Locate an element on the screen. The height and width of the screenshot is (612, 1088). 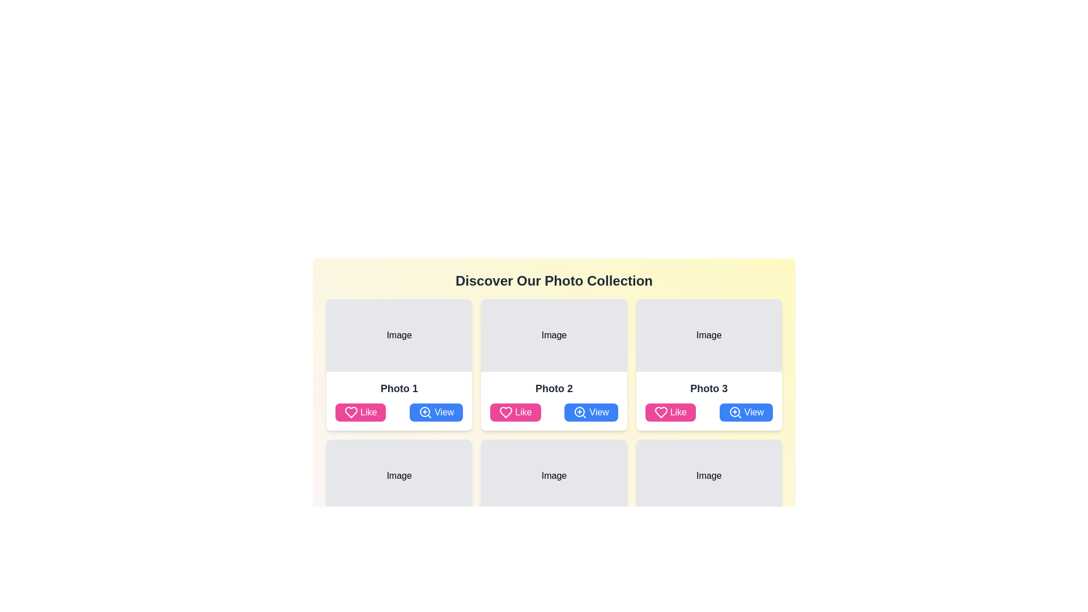
the Static Text Label indicating the name or title of the corresponding photo, located in the first card of the grid, below the image and above the Like and View buttons is located at coordinates (399, 388).